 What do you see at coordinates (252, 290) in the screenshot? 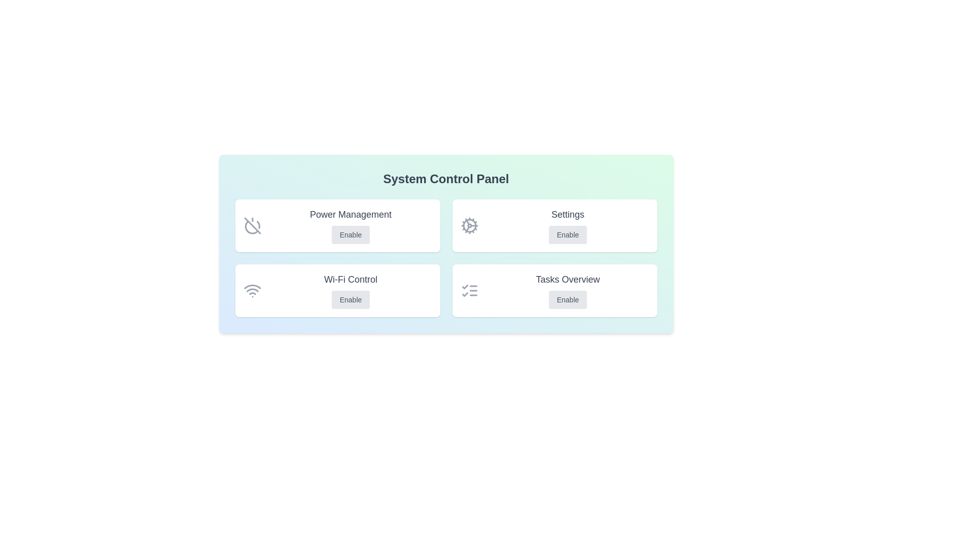
I see `the second arc of the Wi-Fi icon, located beneath the 'Wi-Fi Control' heading, which represents Wi-Fi signal strength` at bounding box center [252, 290].